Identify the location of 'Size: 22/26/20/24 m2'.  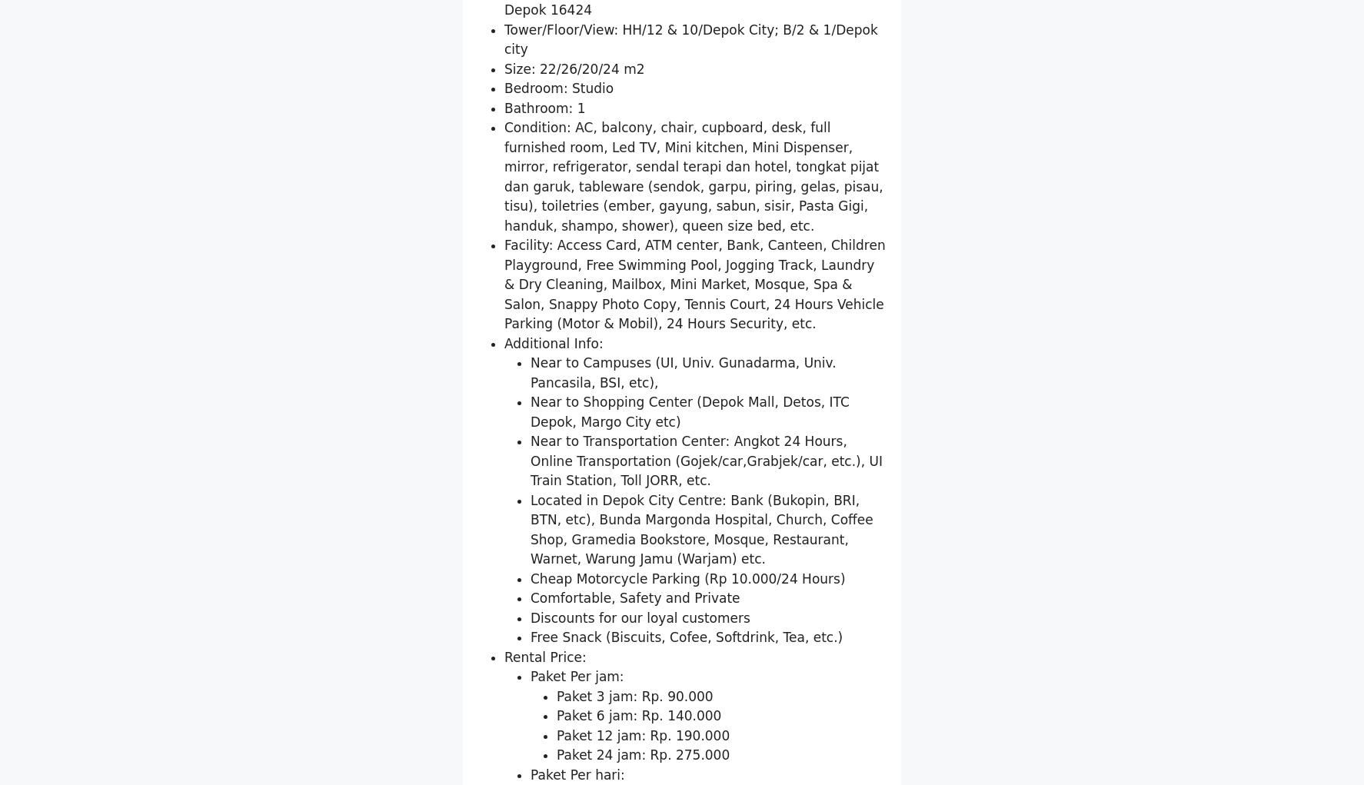
(574, 248).